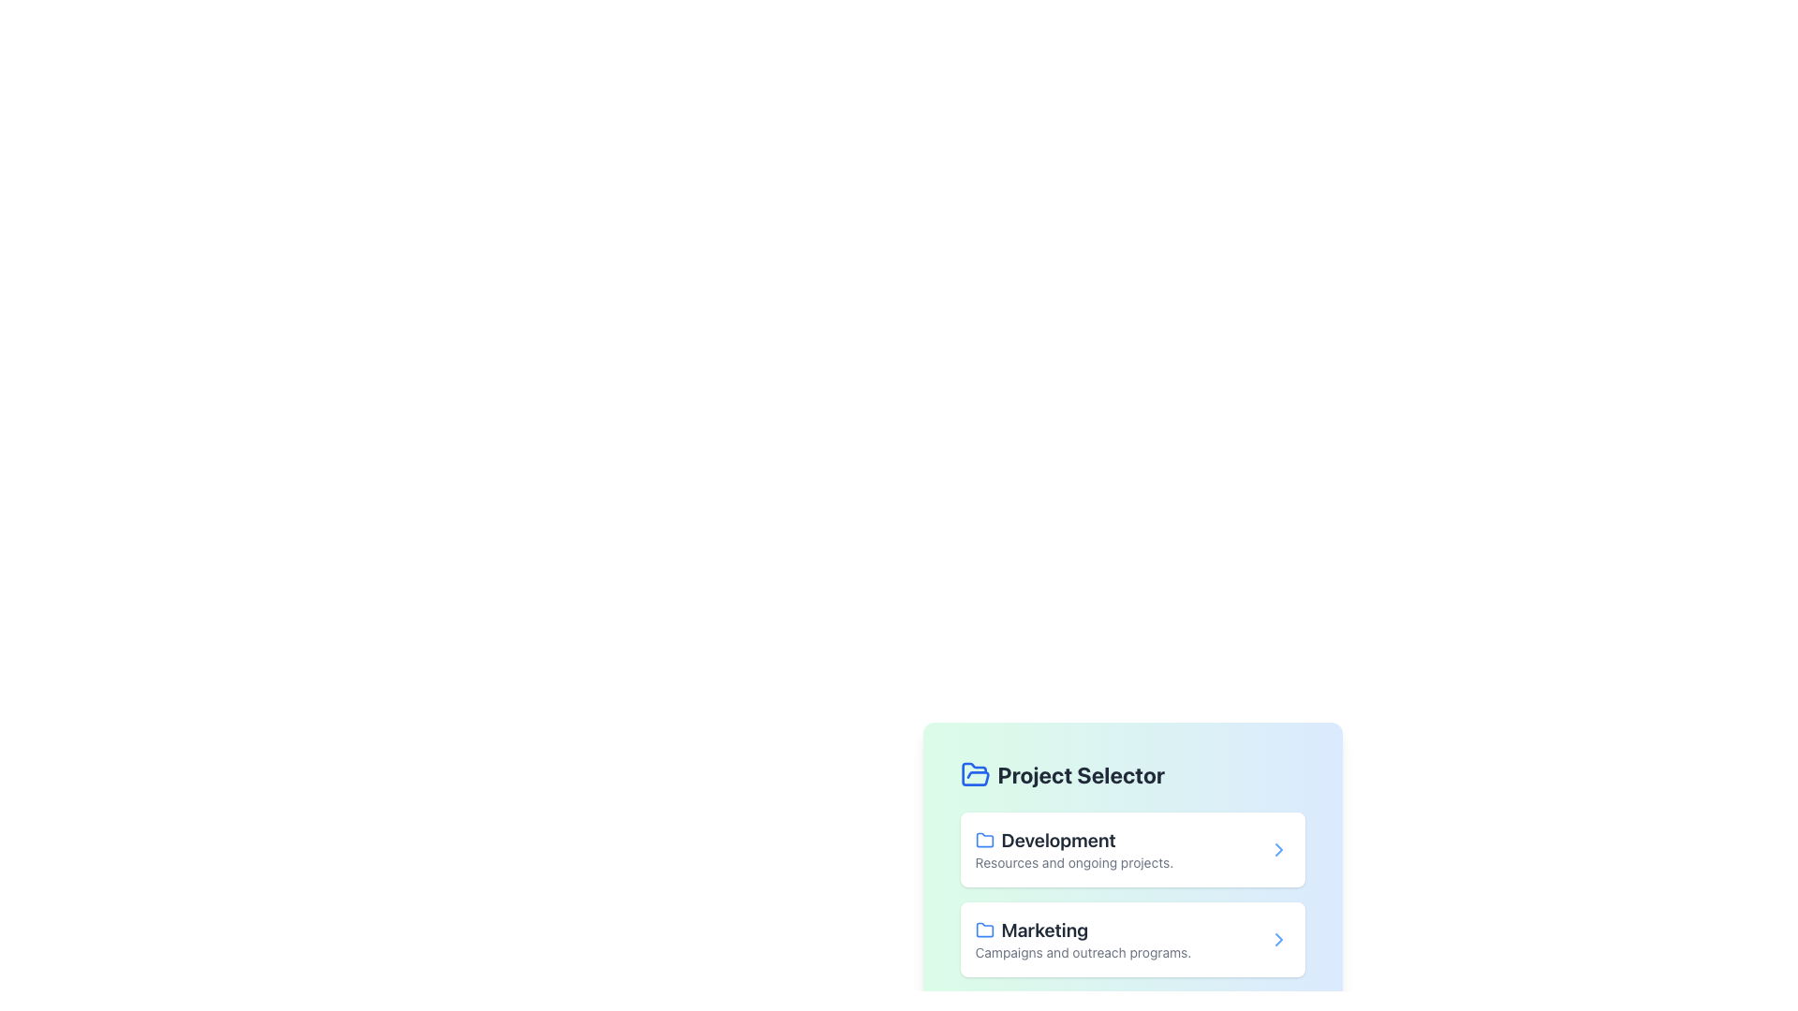  Describe the element at coordinates (1074, 840) in the screenshot. I see `text content of the 'Development' label, which is styled in bold and appears dark gray next to a folder icon, located near the top of the list structure` at that location.